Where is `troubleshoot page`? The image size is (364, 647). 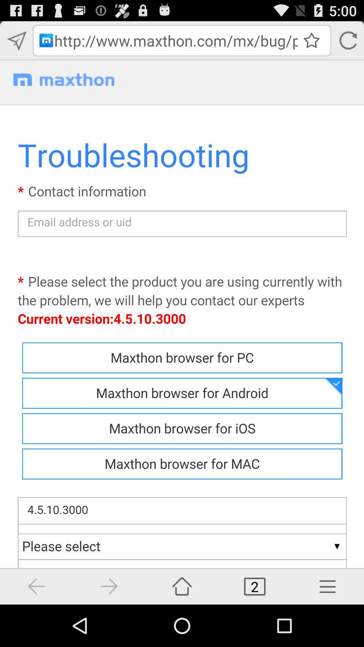
troubleshoot page is located at coordinates (182, 332).